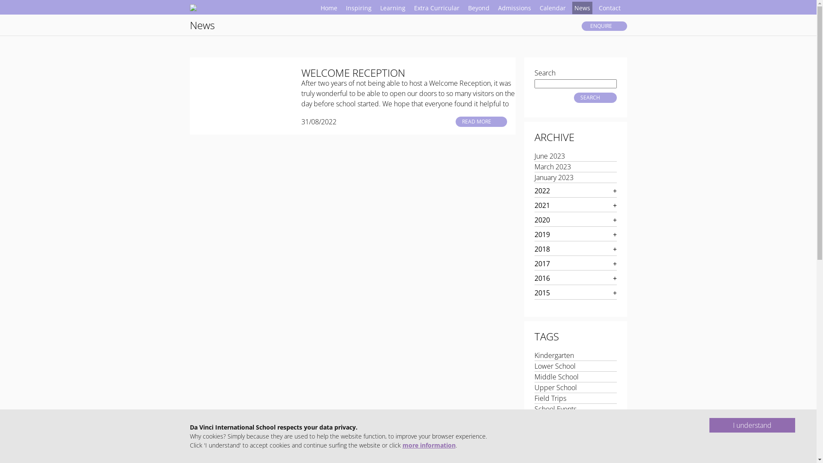 This screenshot has height=463, width=823. What do you see at coordinates (604, 26) in the screenshot?
I see `'ENQUIRE'` at bounding box center [604, 26].